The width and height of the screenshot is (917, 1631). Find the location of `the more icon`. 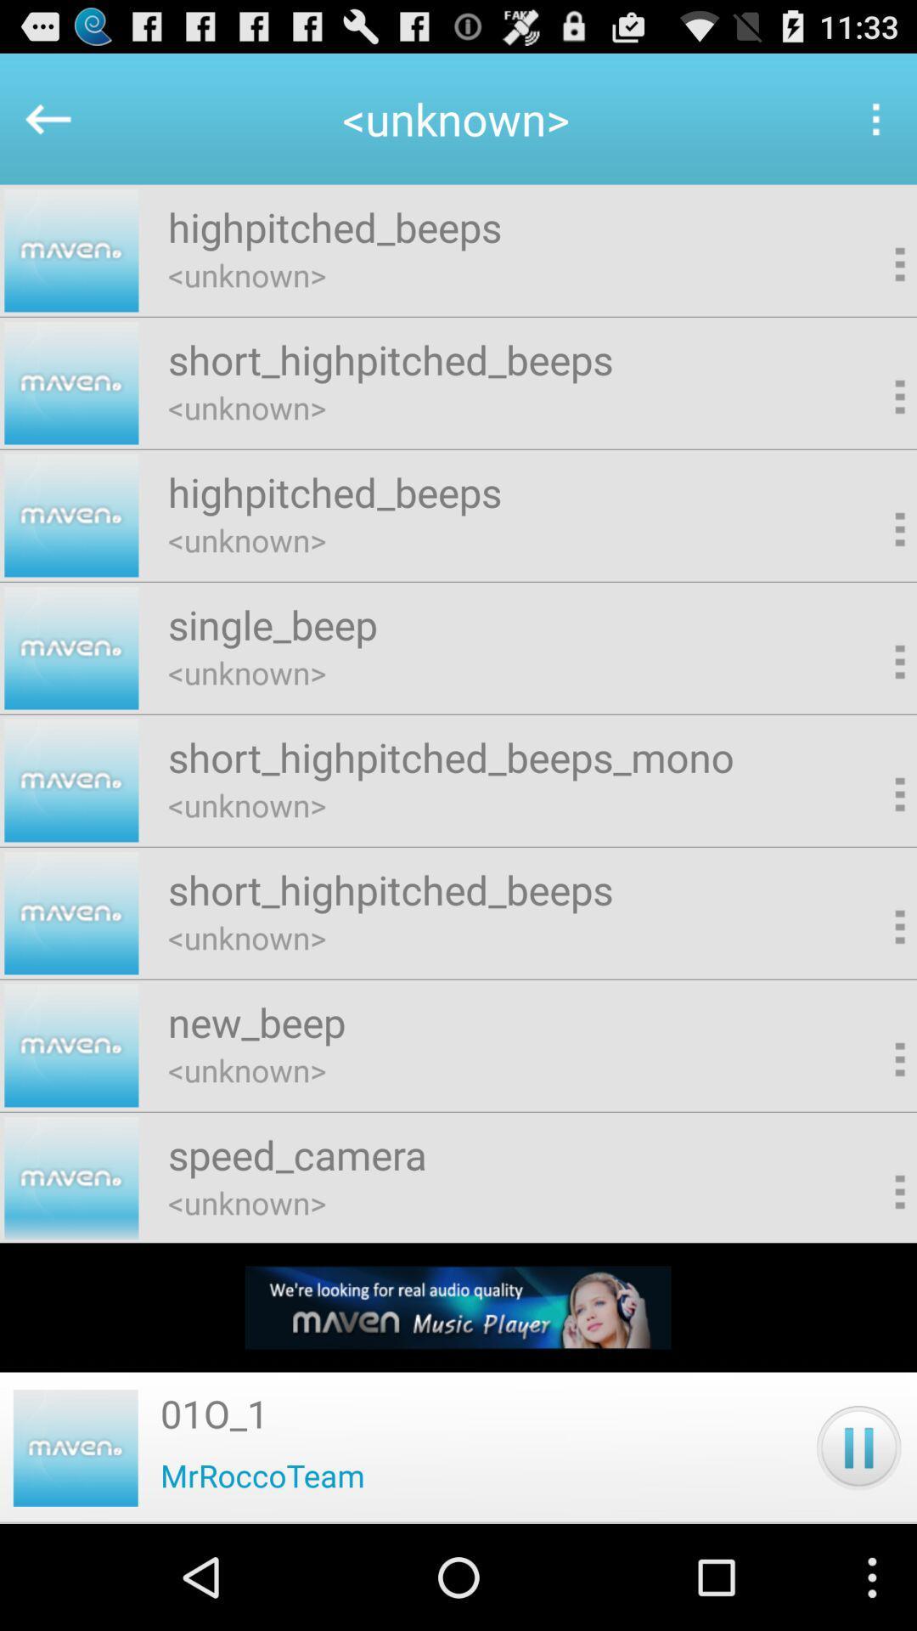

the more icon is located at coordinates (872, 426).